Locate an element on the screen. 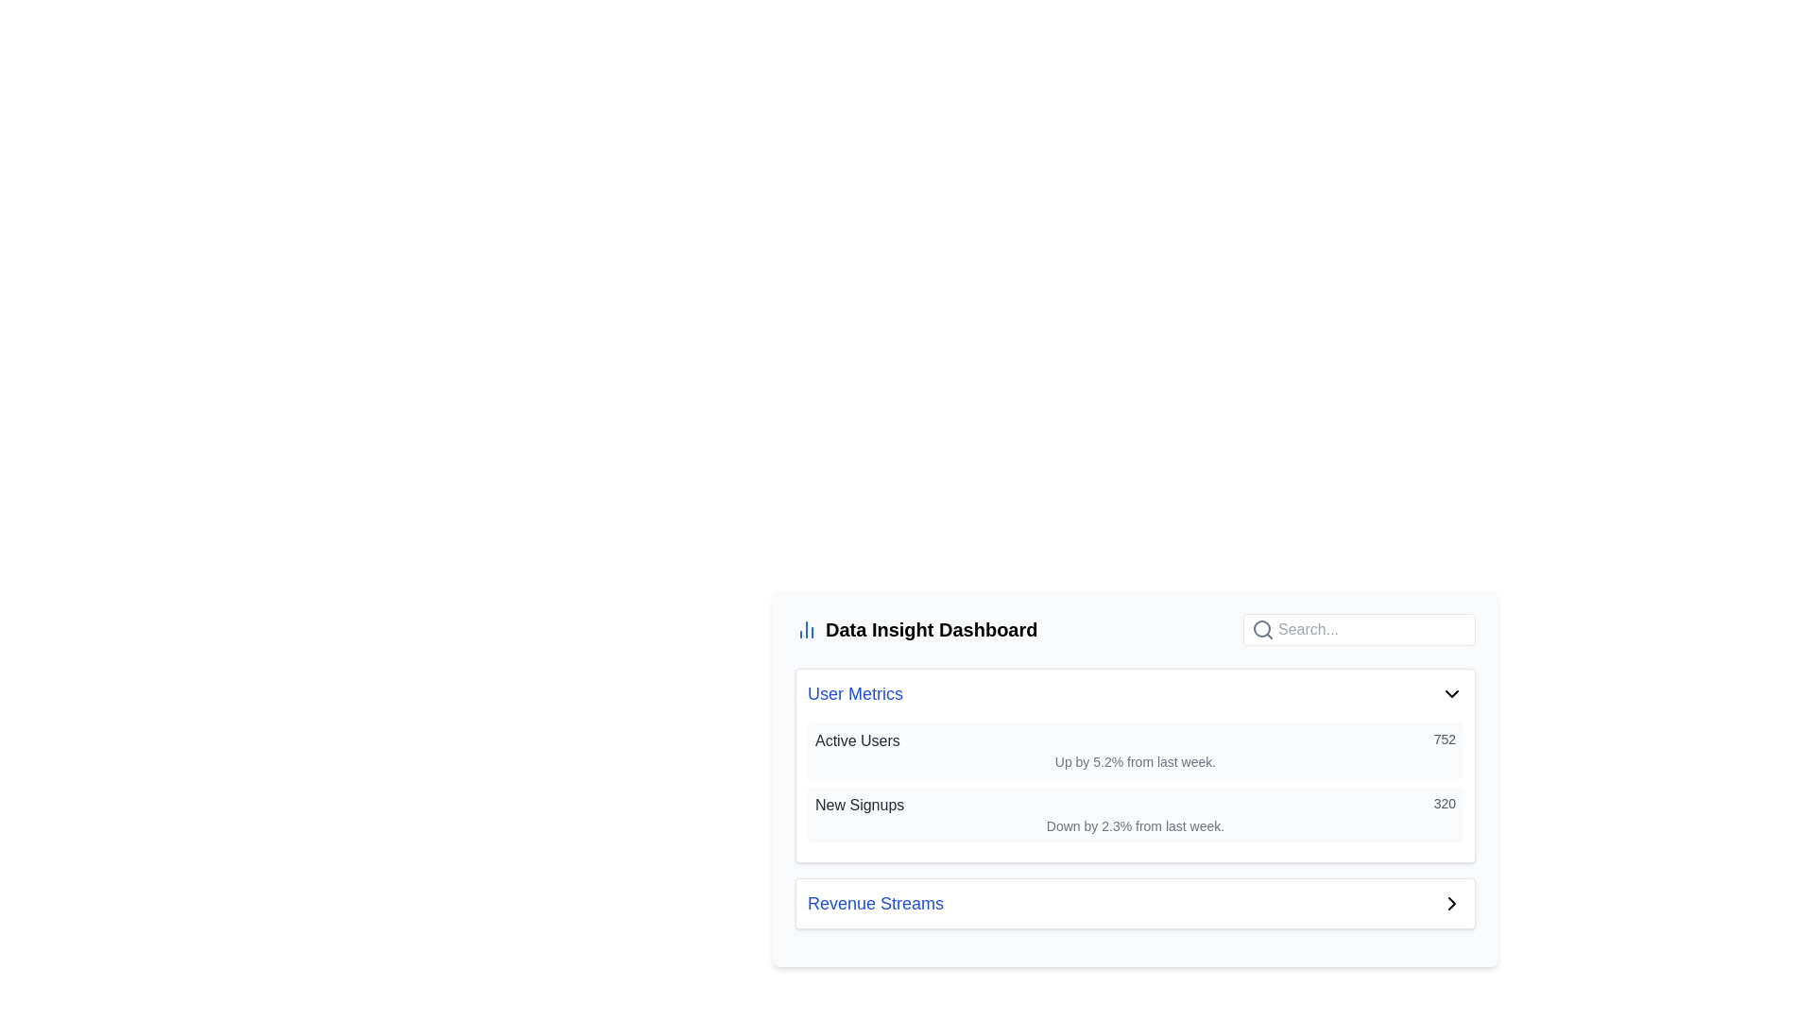  the text label located near the bottom-center of the interface is located at coordinates (874, 902).